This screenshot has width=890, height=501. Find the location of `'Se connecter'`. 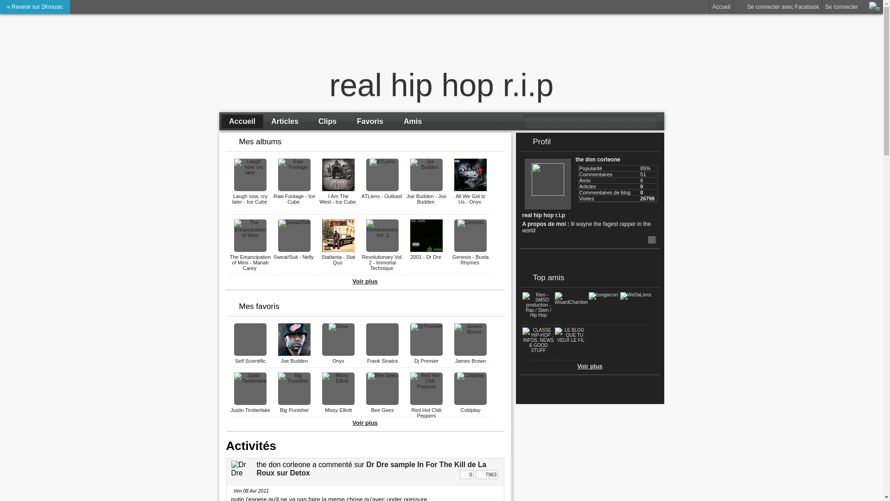

'Se connecter' is located at coordinates (822, 7).